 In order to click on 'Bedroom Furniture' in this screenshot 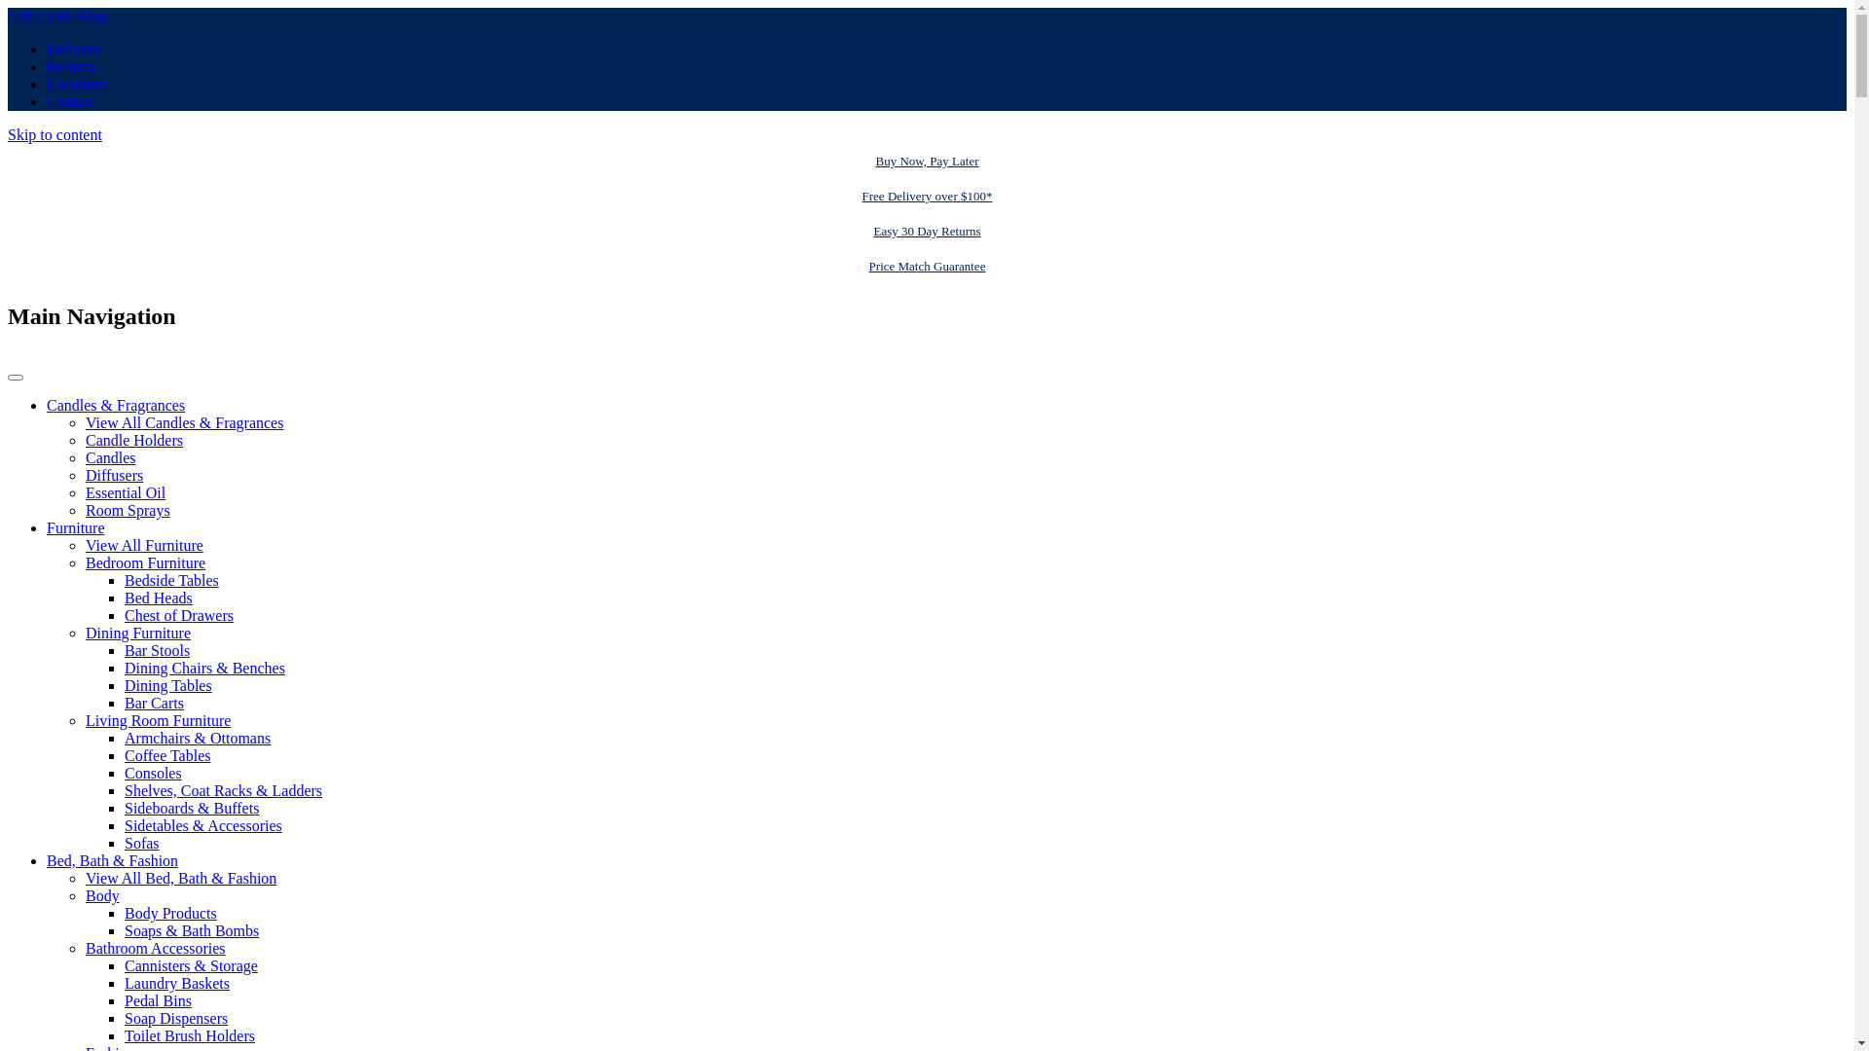, I will do `click(144, 562)`.